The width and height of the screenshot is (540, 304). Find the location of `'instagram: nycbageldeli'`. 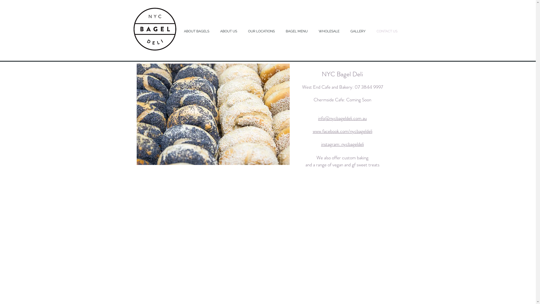

'instagram: nycbageldeli' is located at coordinates (342, 144).